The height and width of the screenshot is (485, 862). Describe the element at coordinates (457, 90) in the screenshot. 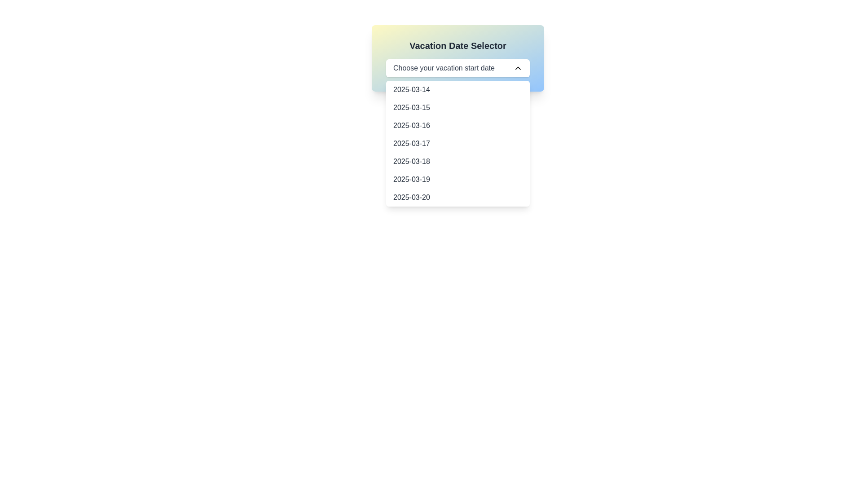

I see `the first date option '2025-03-14' in the dropdown menu under the 'Choose your vacation start date' field` at that location.